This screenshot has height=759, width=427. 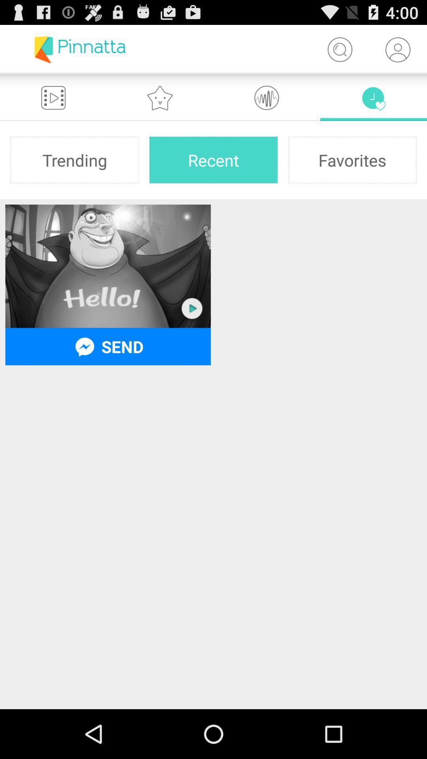 I want to click on the fullscreen icon, so click(x=53, y=104).